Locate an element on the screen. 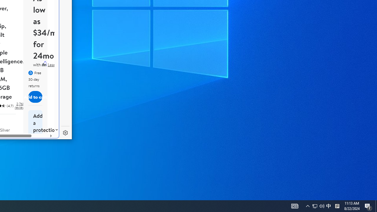 The image size is (377, 212). 'Show desktop' is located at coordinates (376, 206).